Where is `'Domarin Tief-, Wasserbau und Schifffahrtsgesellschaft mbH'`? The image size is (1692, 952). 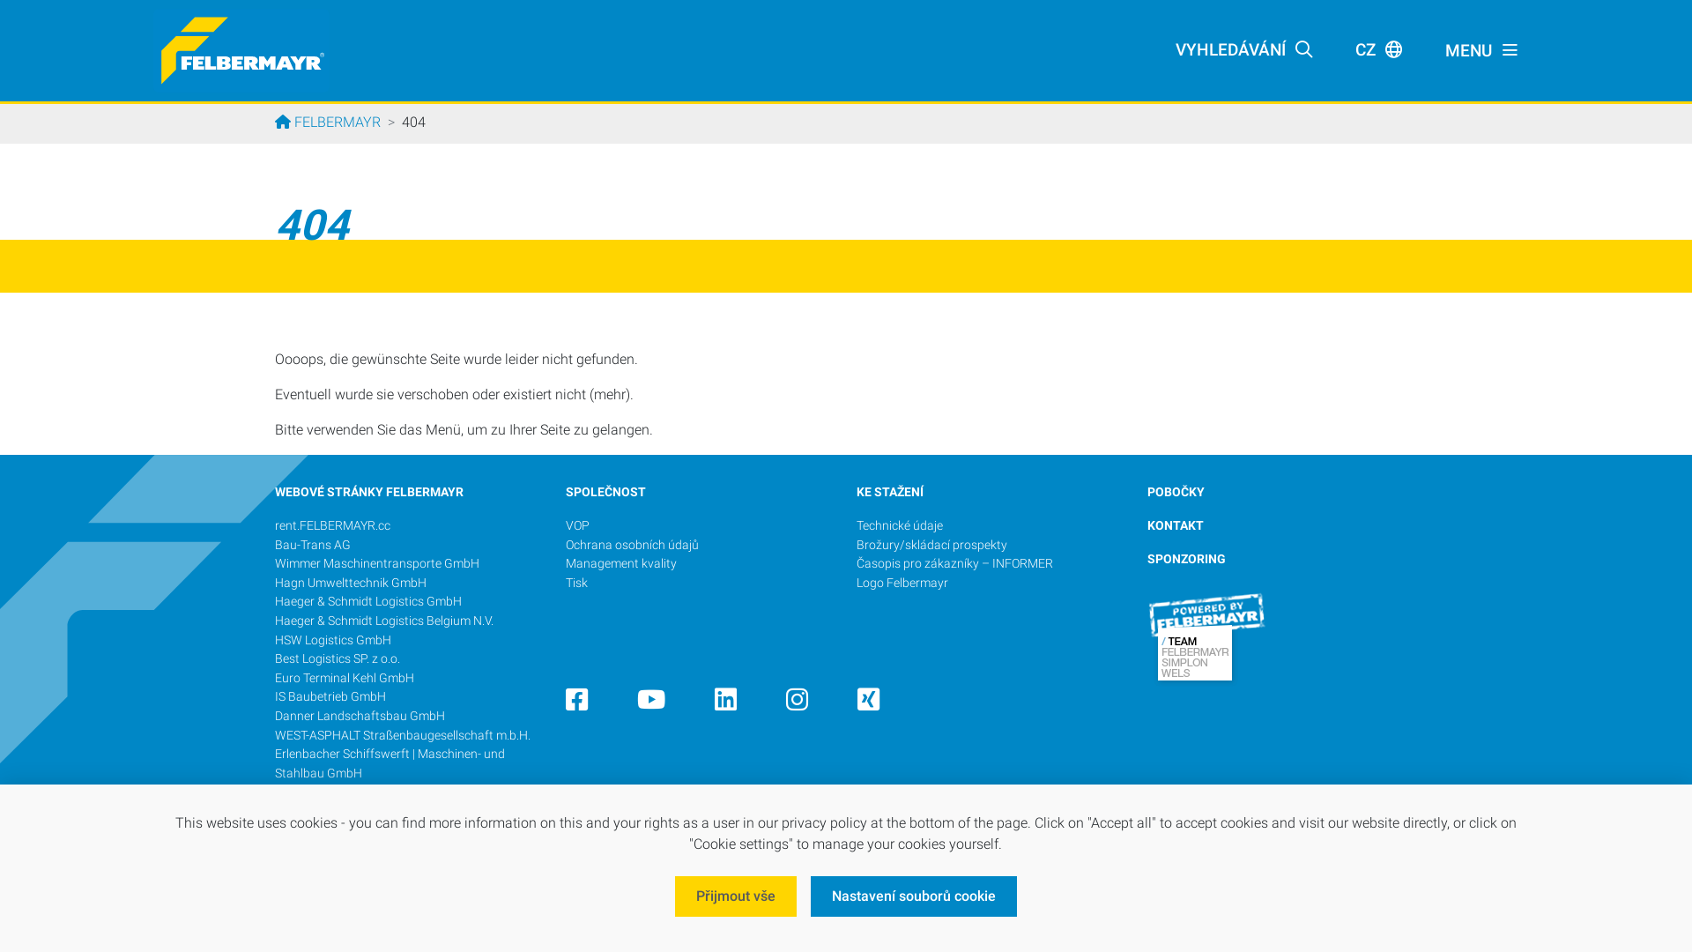 'Domarin Tief-, Wasserbau und Schifffahrtsgesellschaft mbH' is located at coordinates (356, 801).